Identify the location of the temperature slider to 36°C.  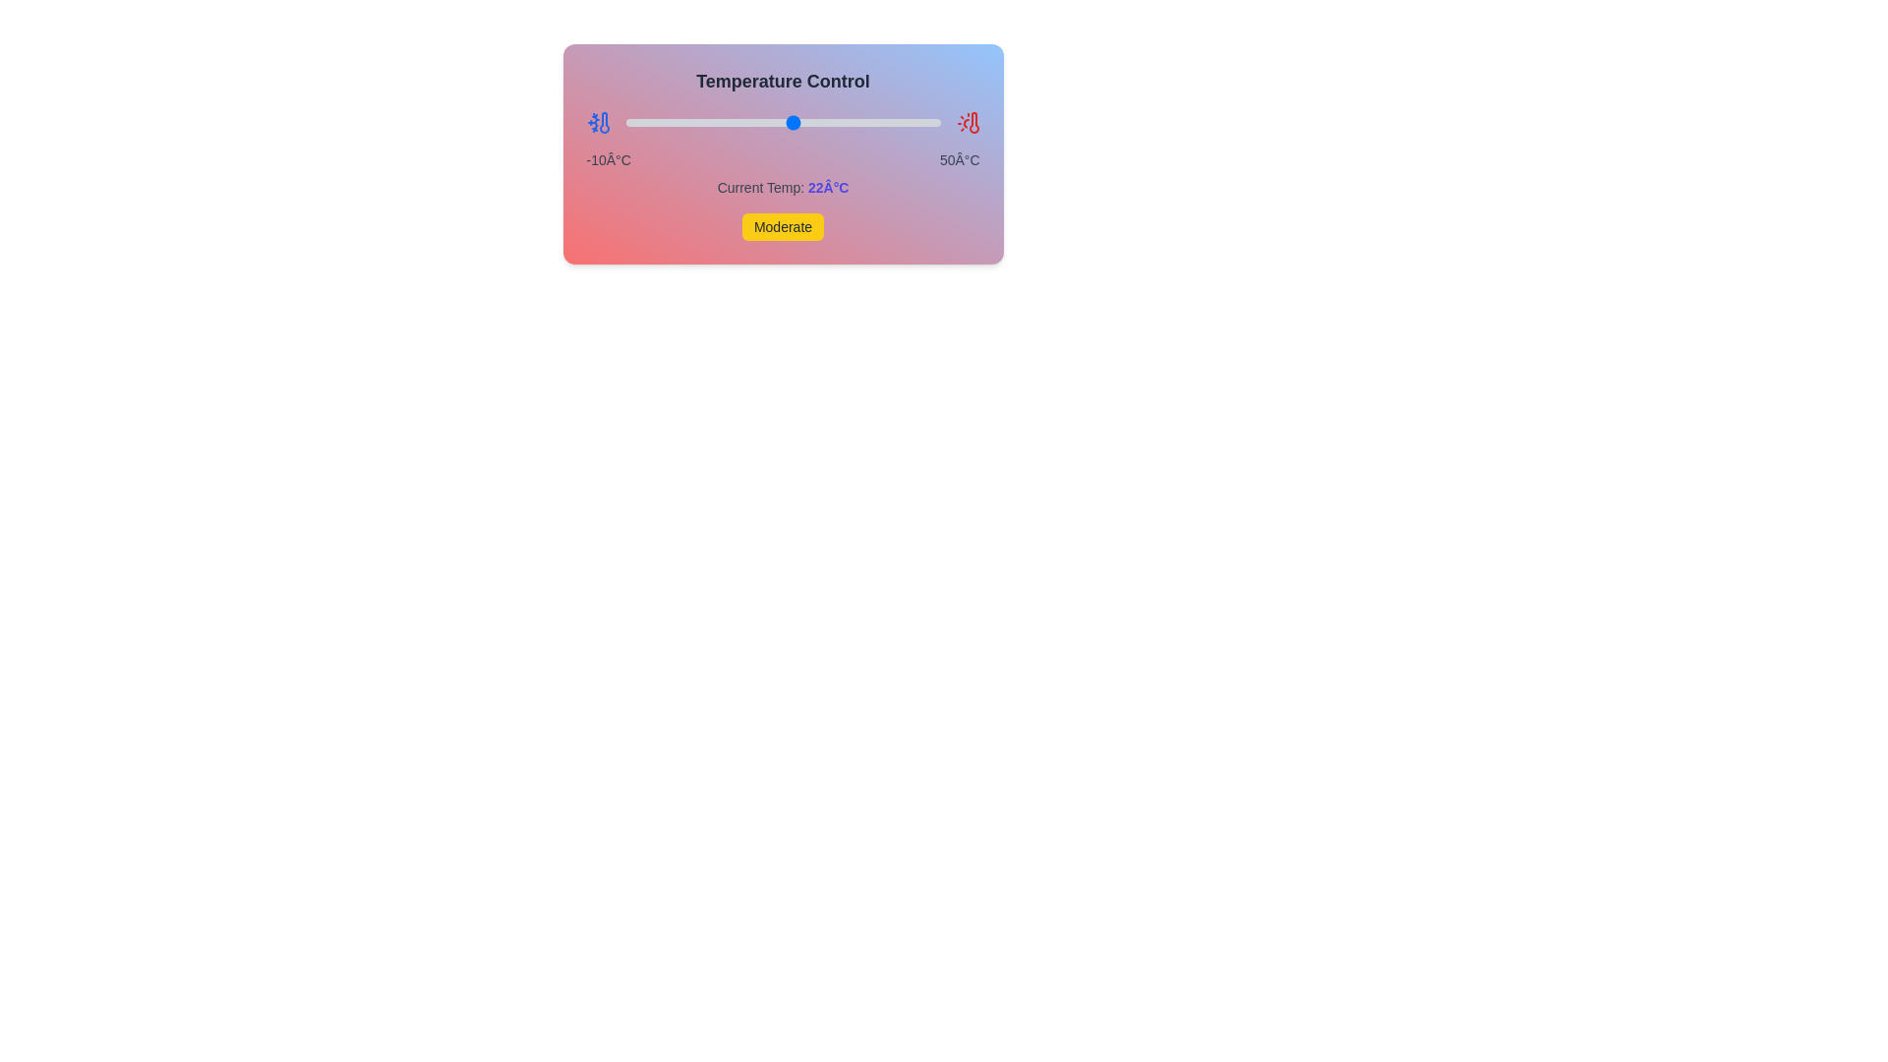
(865, 122).